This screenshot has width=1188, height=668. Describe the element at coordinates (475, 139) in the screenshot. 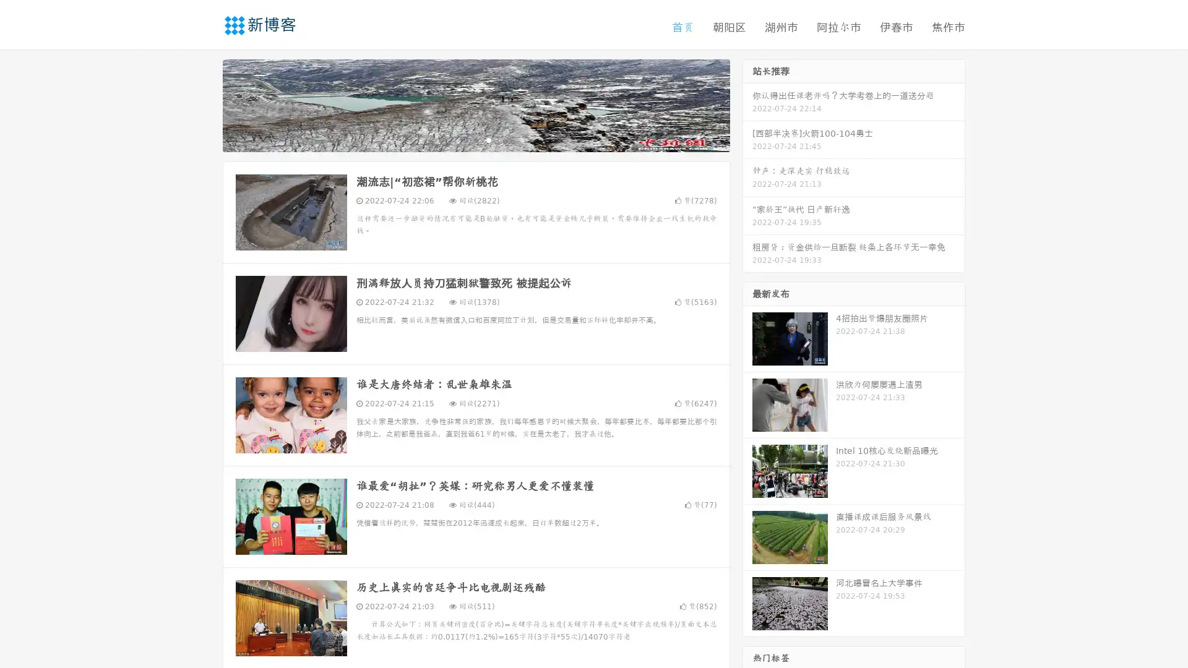

I see `Go to slide 2` at that location.